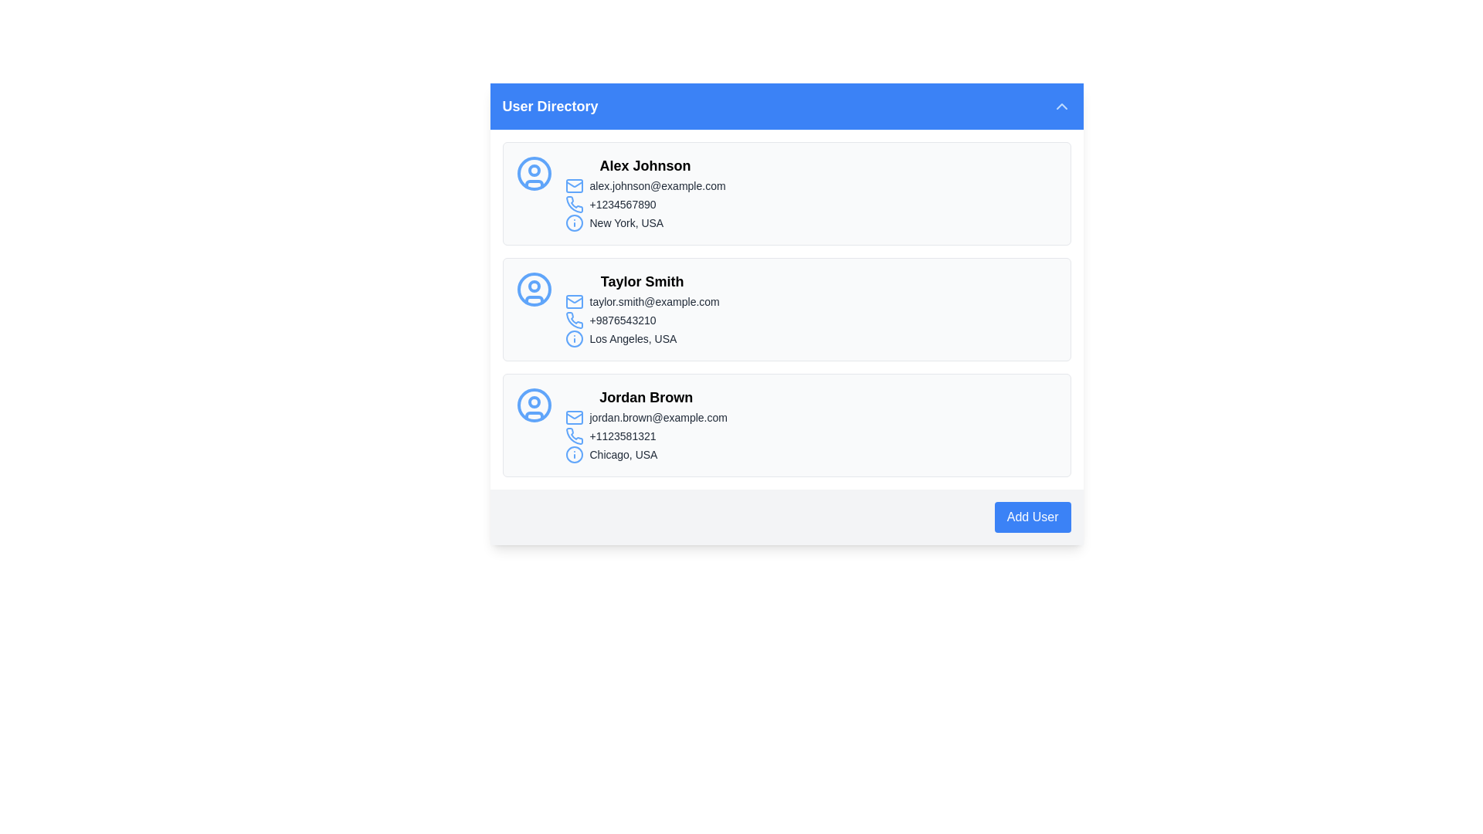  I want to click on the circular boundary graphical element (SVG) that serves as the outer framing boundary of the user avatar icon located to the left of 'Alex Johnson' in the user list, so click(534, 173).